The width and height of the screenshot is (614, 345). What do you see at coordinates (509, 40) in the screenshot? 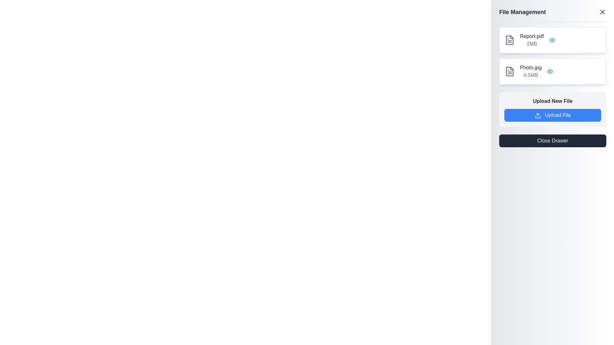
I see `the file icon representing 'Report.pdf', which is styled in gray and located on the far right side of the interface` at bounding box center [509, 40].